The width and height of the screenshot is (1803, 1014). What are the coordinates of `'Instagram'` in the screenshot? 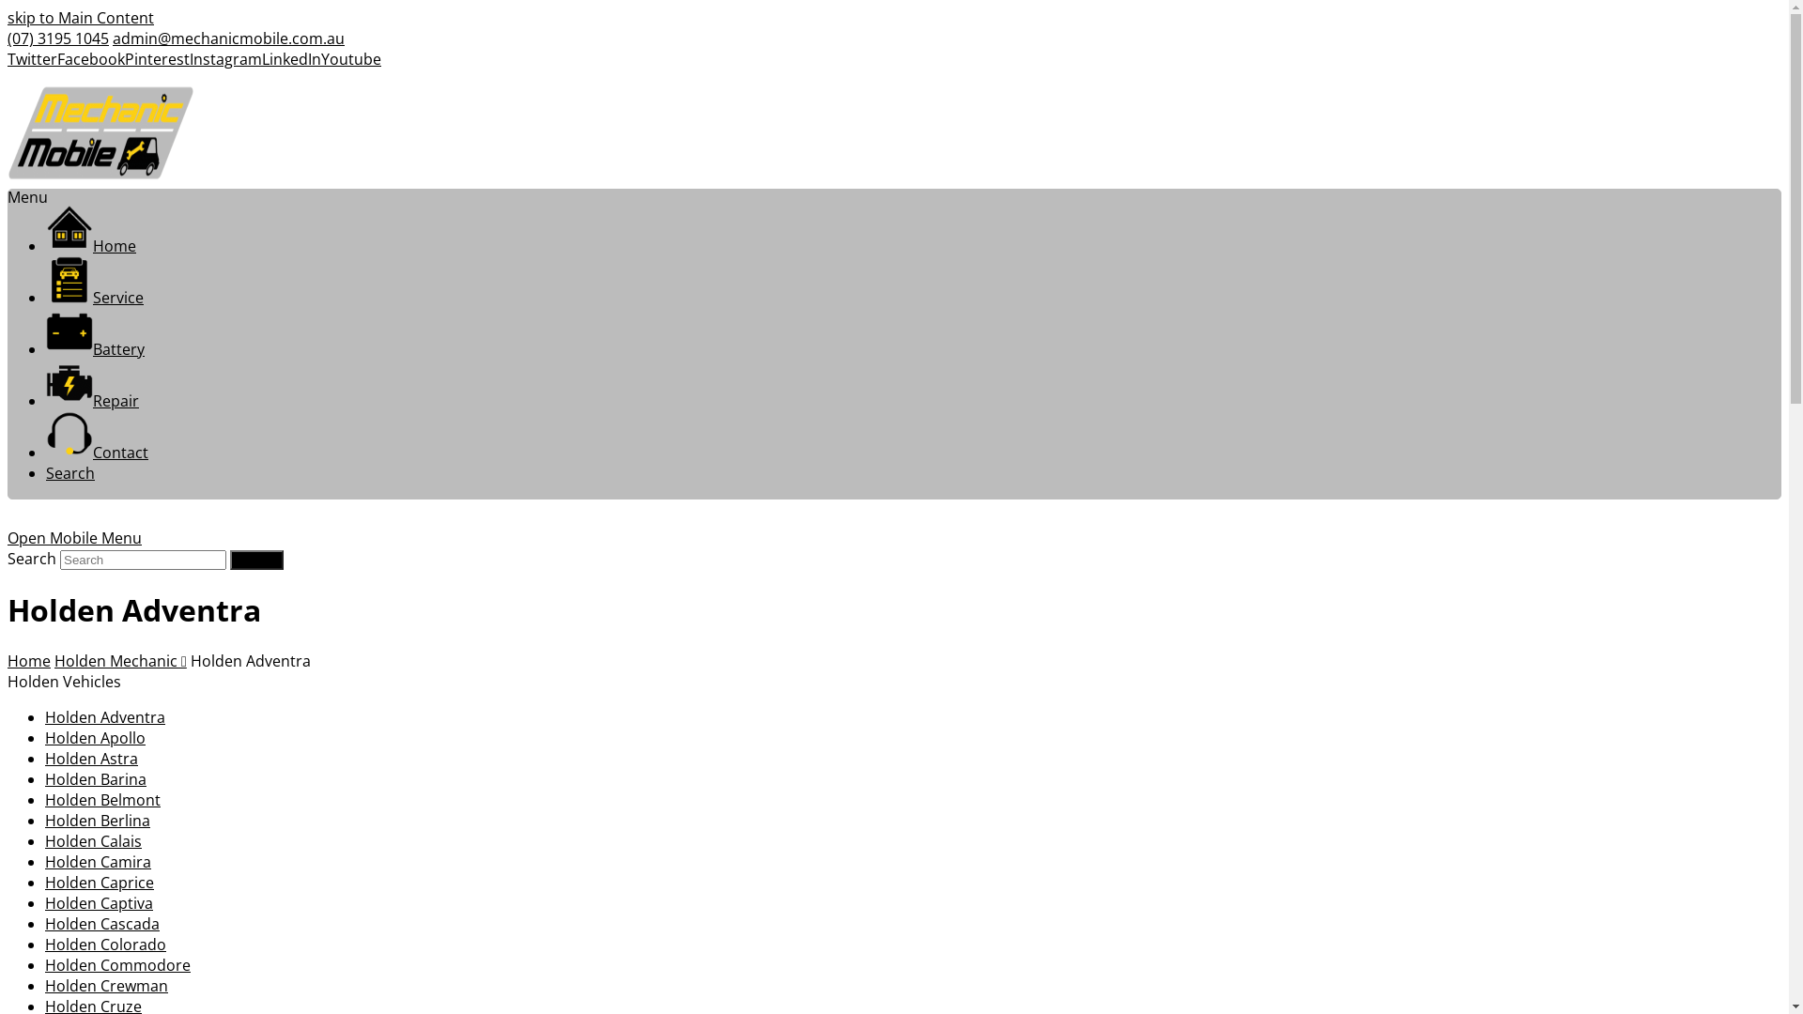 It's located at (225, 57).